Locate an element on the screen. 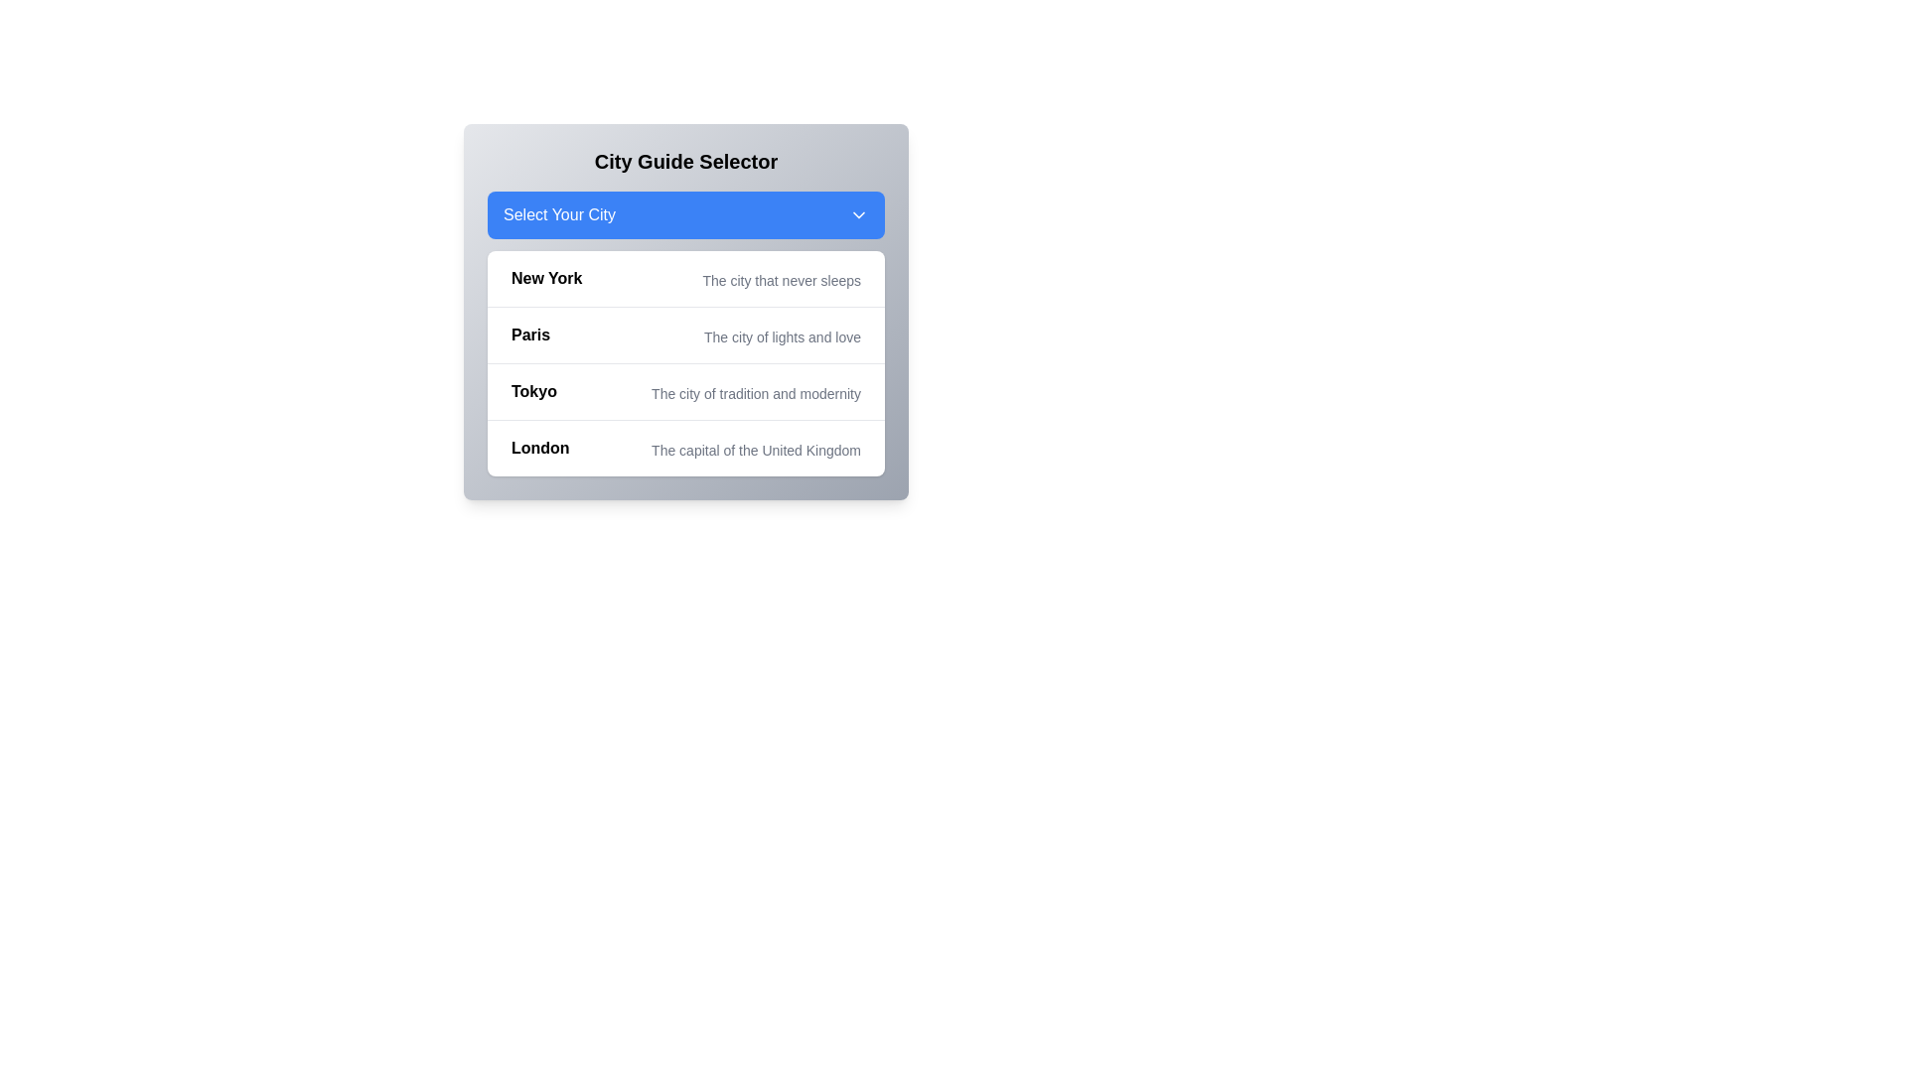  the static text label providing additional descriptive text about the city of Paris, located directly beneath the text 'Paris' in the second row of the city list is located at coordinates (781, 335).